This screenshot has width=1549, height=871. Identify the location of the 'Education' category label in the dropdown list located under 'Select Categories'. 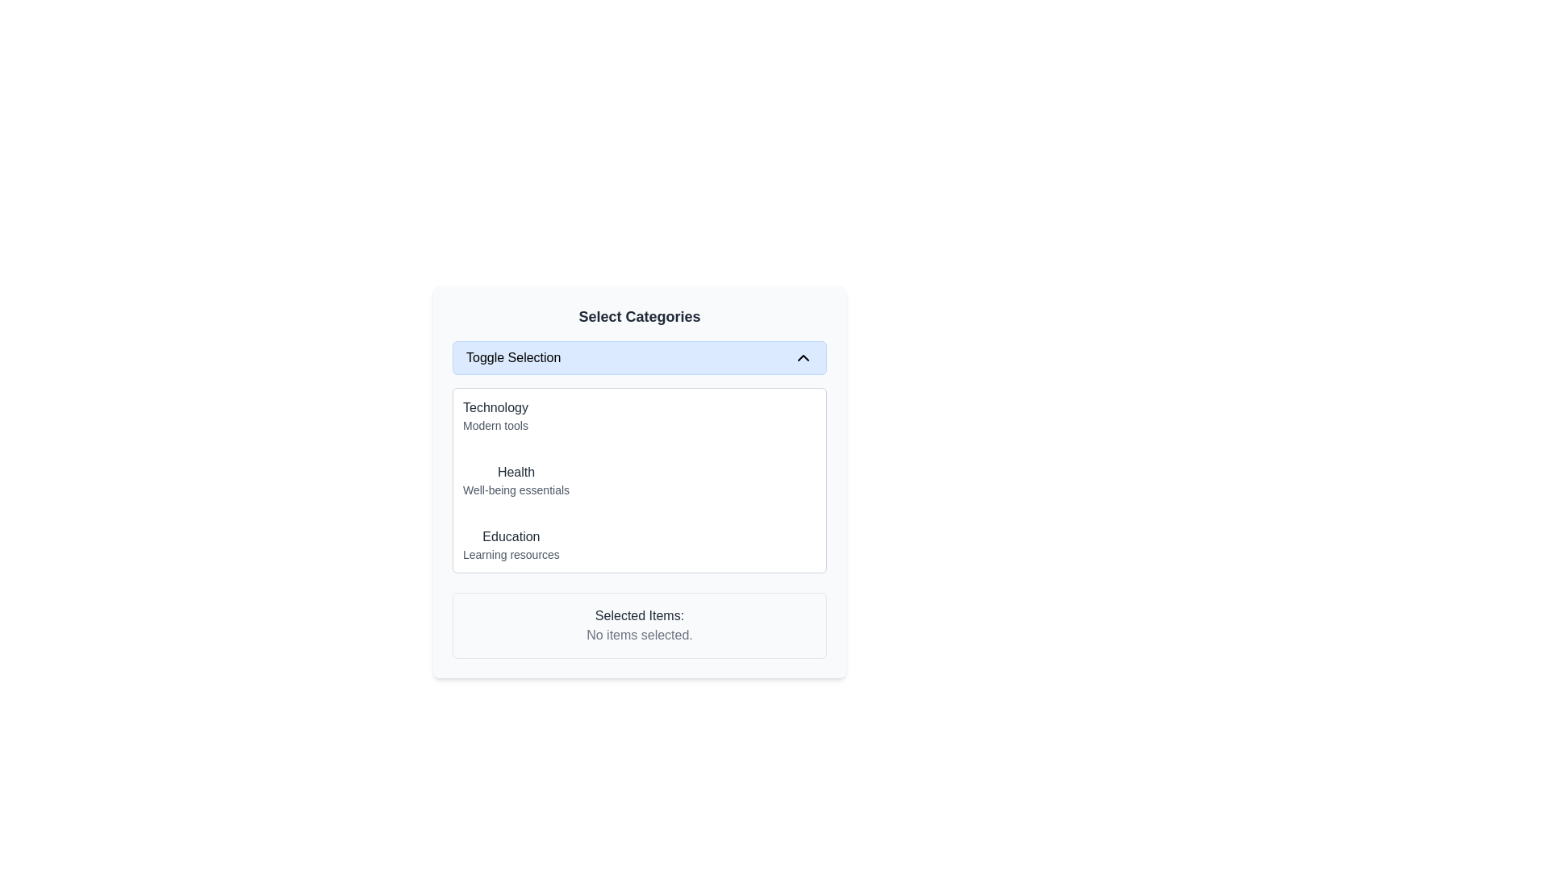
(510, 537).